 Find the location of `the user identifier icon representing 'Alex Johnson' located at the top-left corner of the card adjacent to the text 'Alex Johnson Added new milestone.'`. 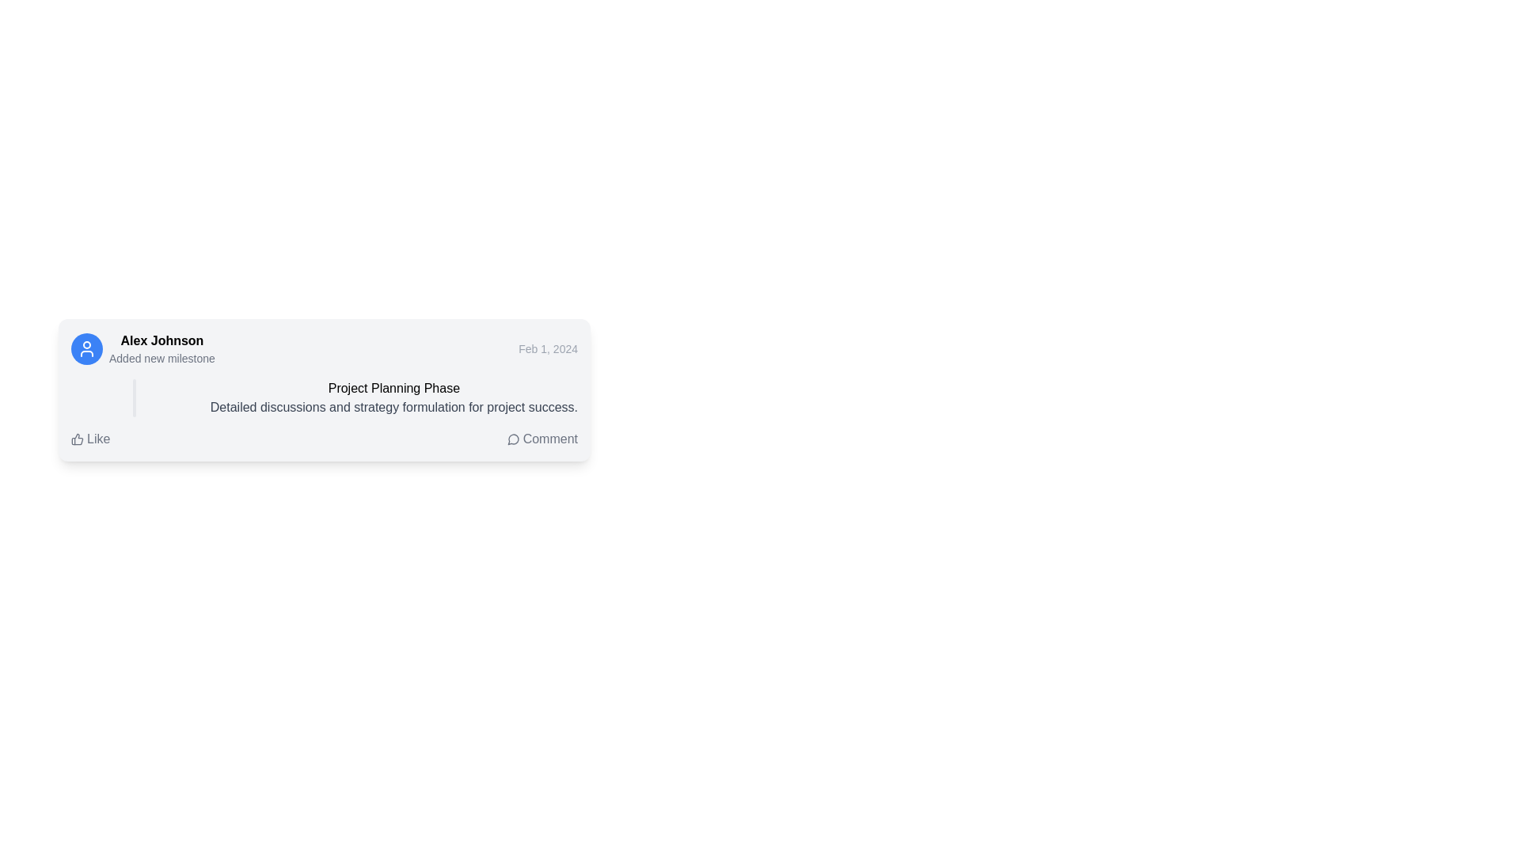

the user identifier icon representing 'Alex Johnson' located at the top-left corner of the card adjacent to the text 'Alex Johnson Added new milestone.' is located at coordinates (86, 348).